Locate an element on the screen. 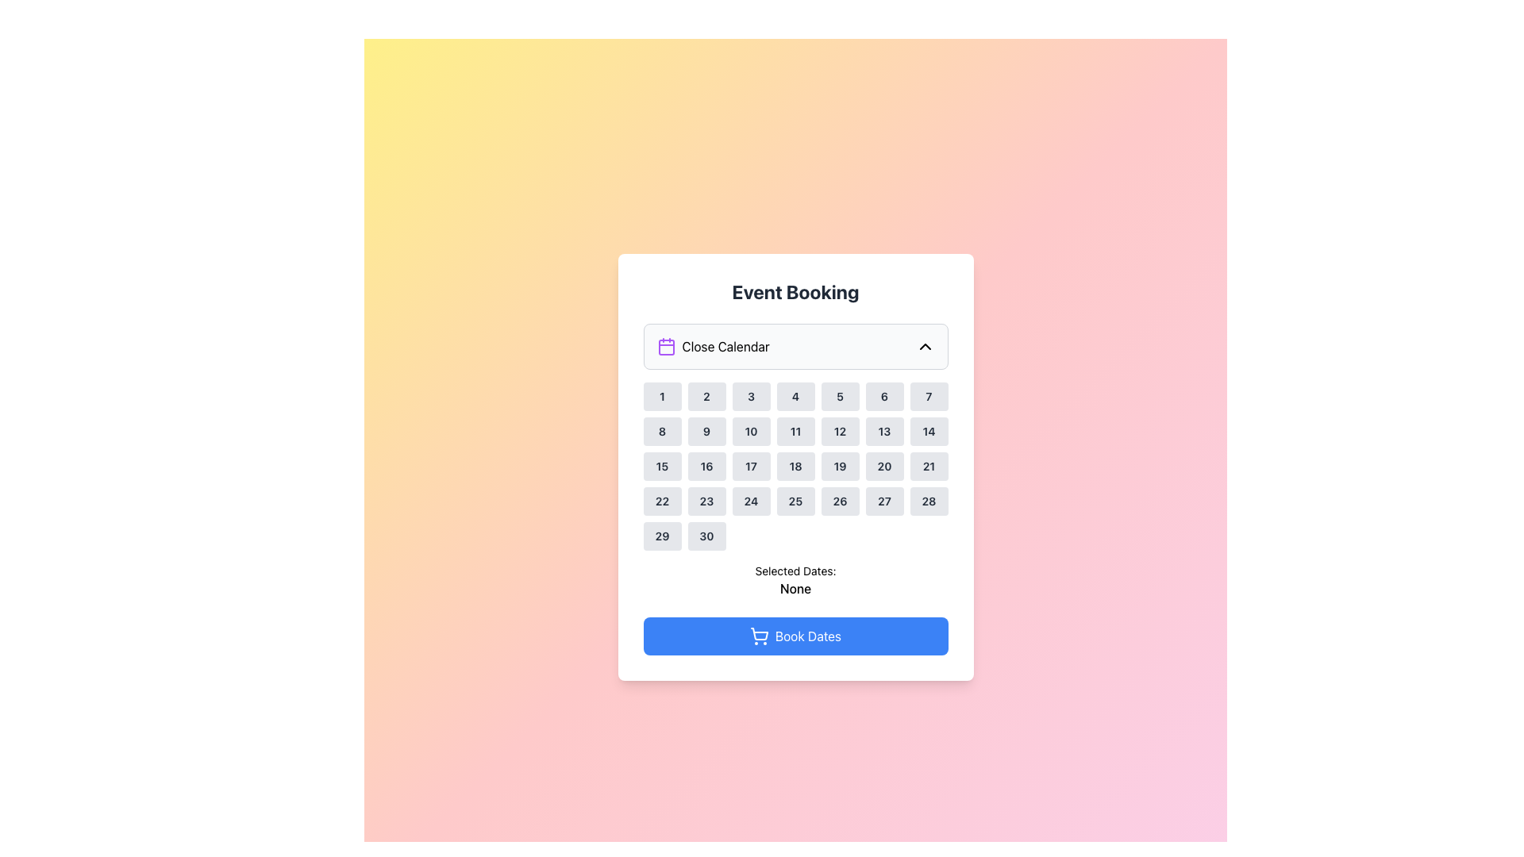  the button that allows users to select the specific day '27' within the calendar component is located at coordinates (883, 502).